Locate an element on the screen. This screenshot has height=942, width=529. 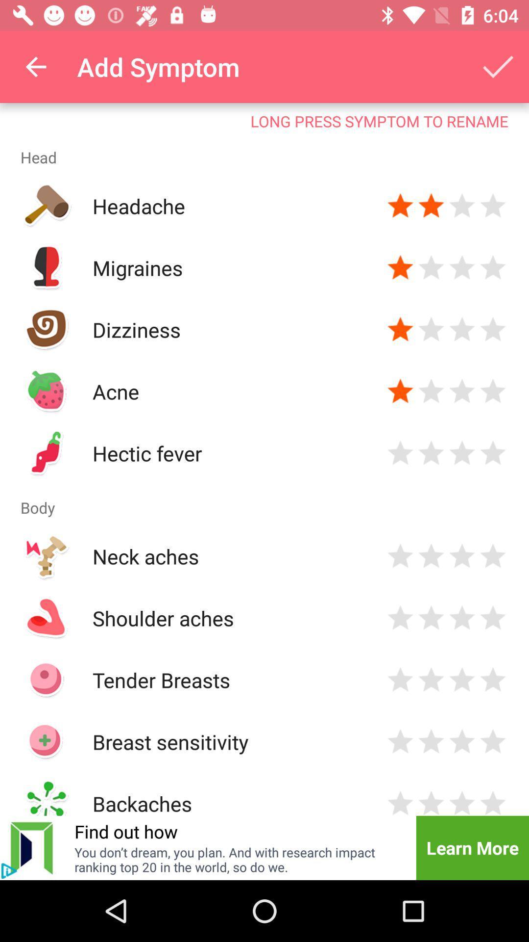
rate 2 stars is located at coordinates (431, 556).